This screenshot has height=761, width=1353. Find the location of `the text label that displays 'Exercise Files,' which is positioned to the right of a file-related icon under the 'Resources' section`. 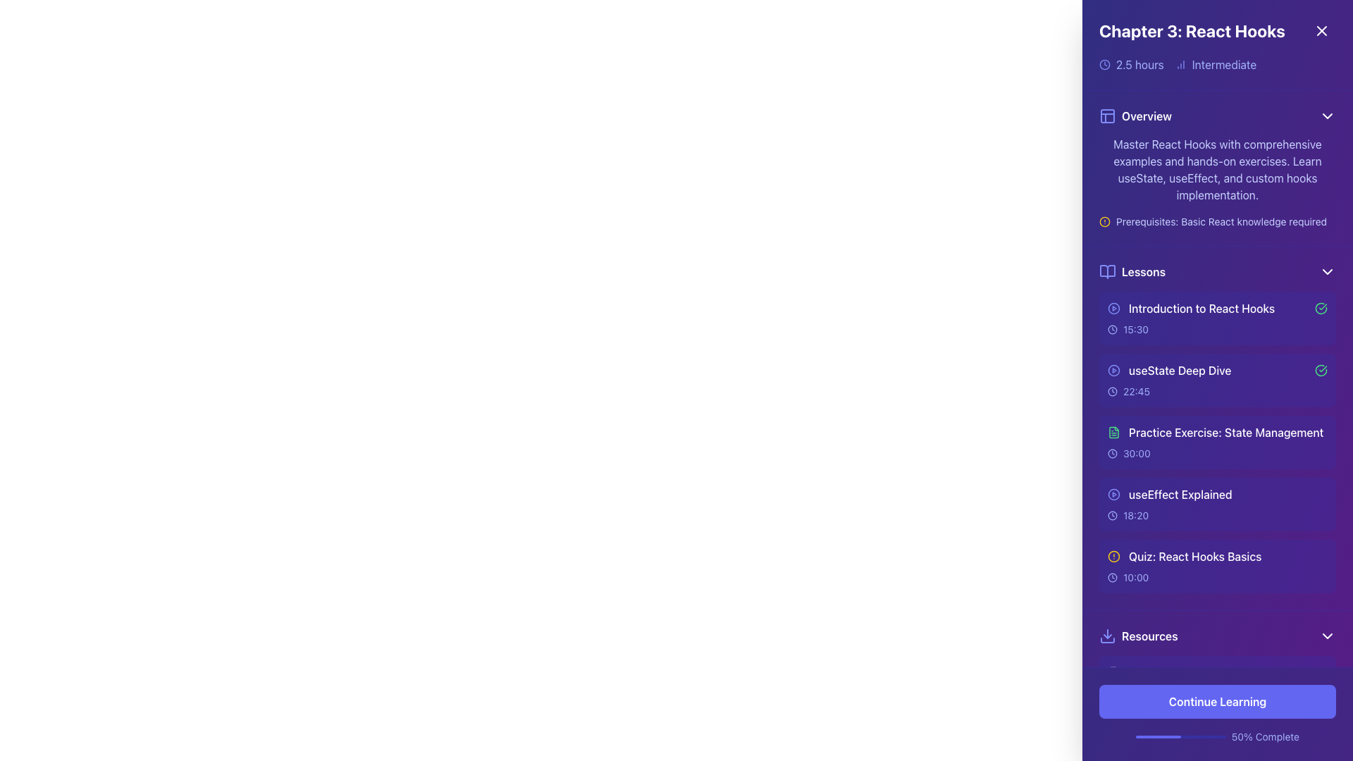

the text label that displays 'Exercise Files,' which is positioned to the right of a file-related icon under the 'Resources' section is located at coordinates (1160, 714).